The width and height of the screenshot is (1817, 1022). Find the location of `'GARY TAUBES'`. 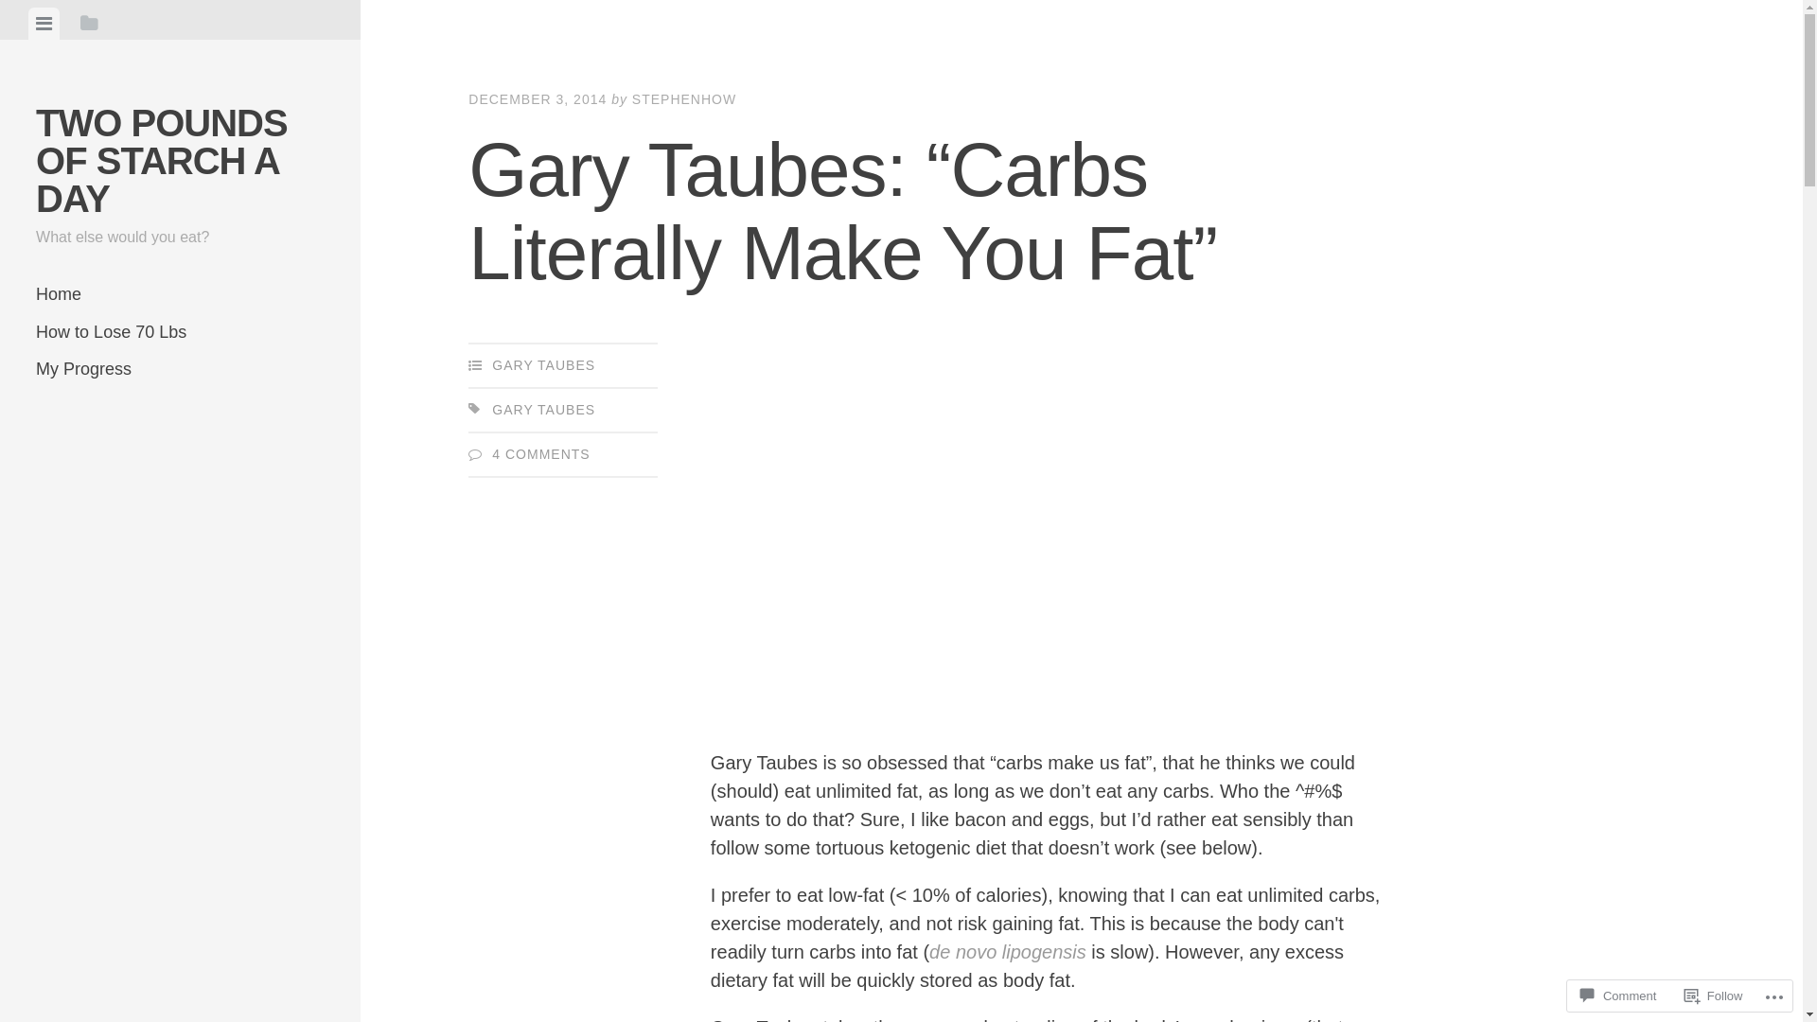

'GARY TAUBES' is located at coordinates (542, 408).